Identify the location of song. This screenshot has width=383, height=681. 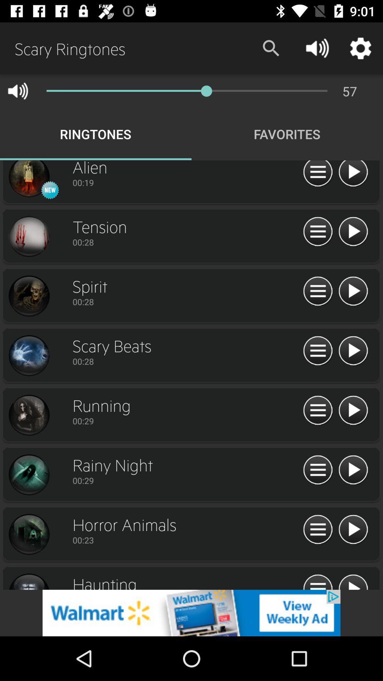
(353, 410).